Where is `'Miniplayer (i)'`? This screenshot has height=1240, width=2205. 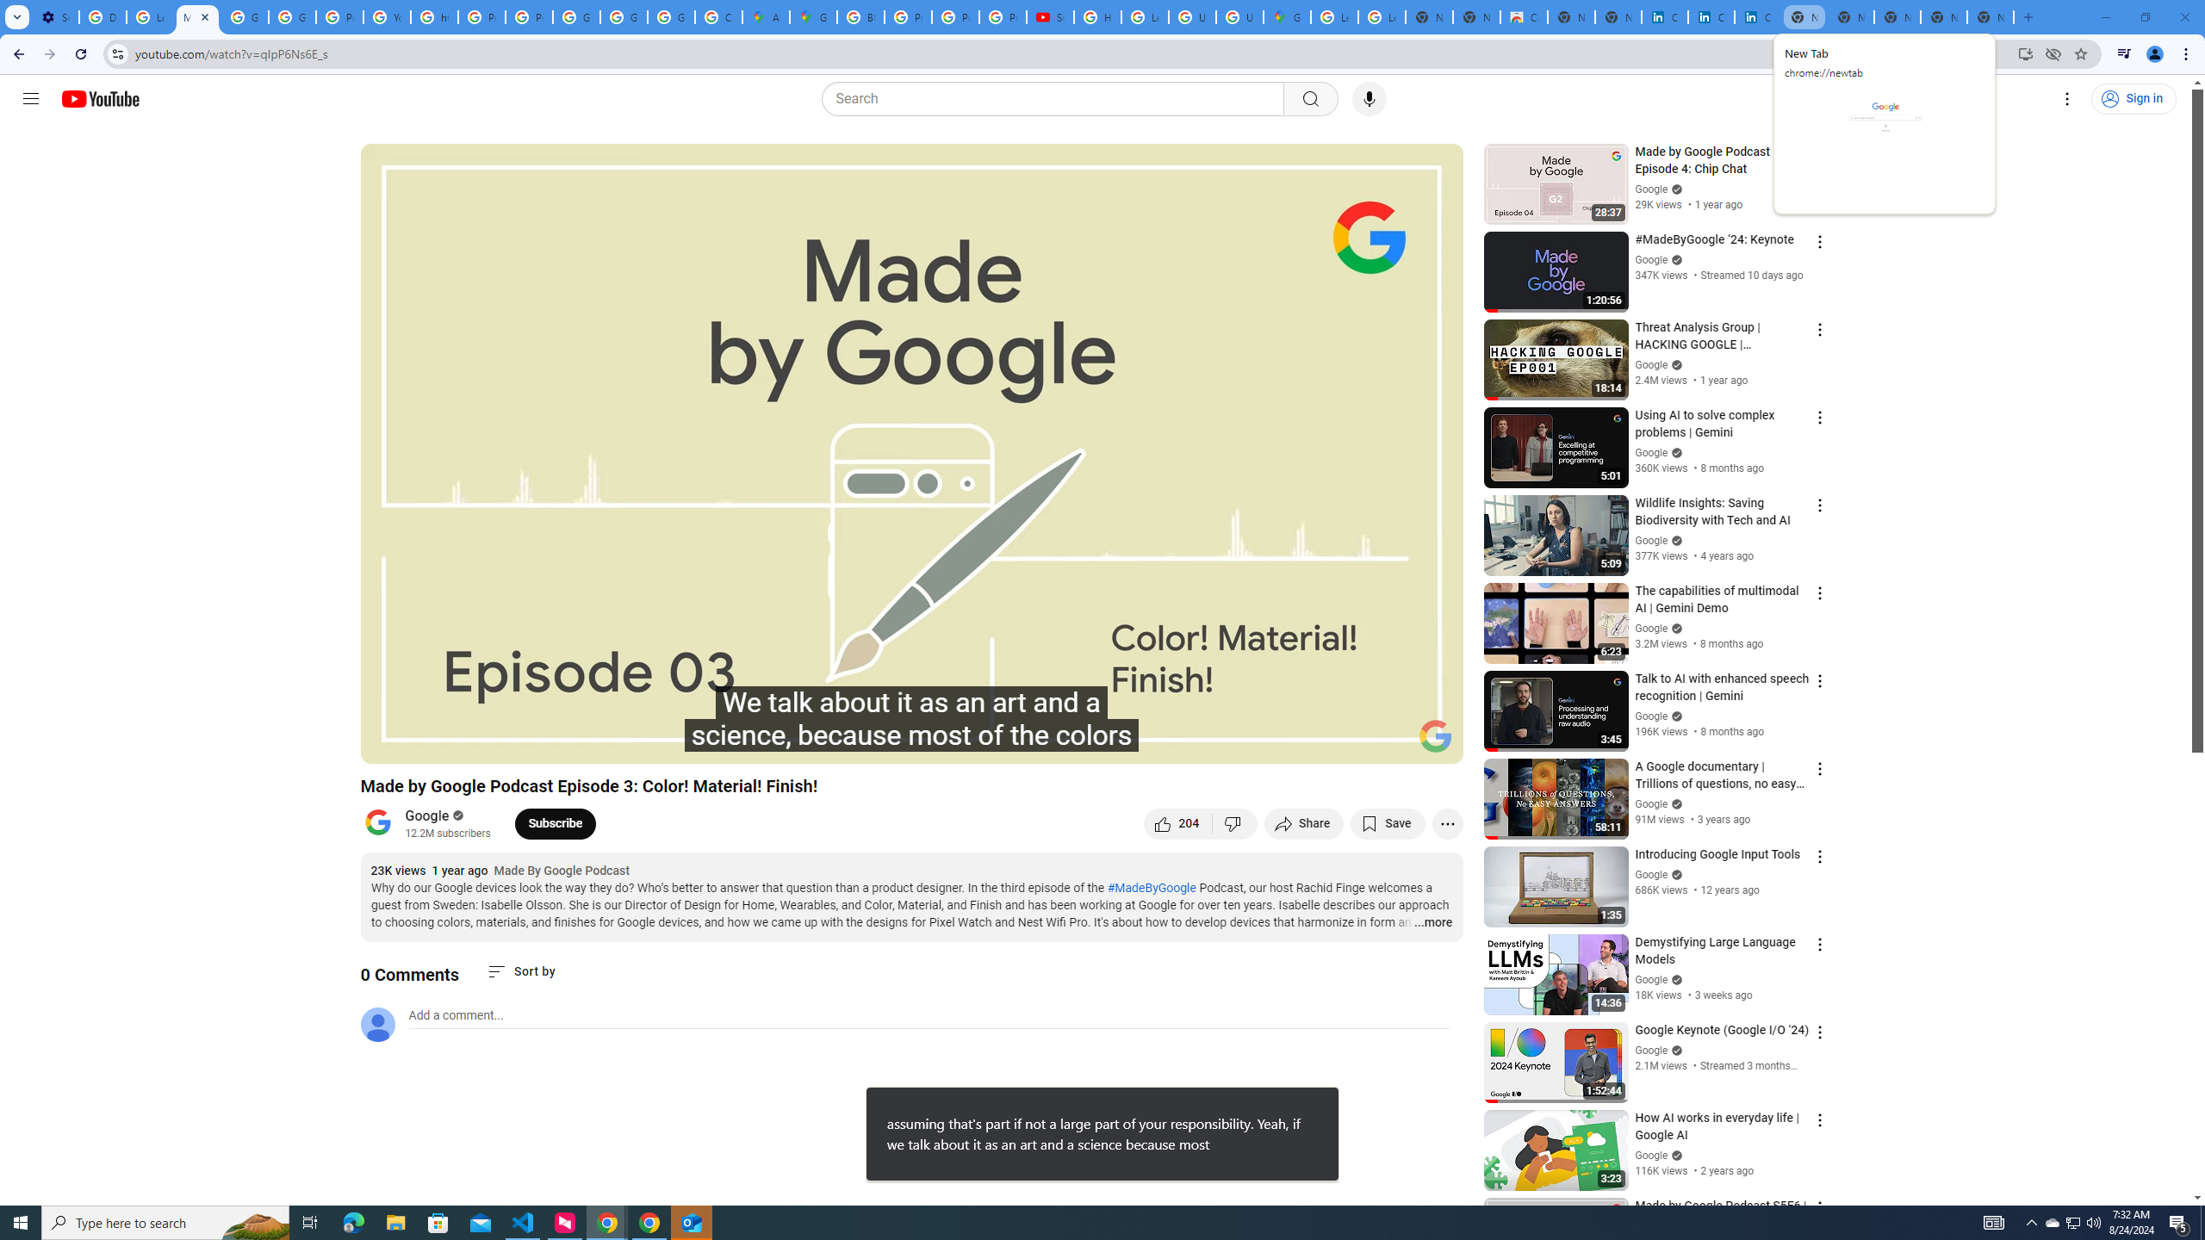 'Miniplayer (i)' is located at coordinates (1348, 742).